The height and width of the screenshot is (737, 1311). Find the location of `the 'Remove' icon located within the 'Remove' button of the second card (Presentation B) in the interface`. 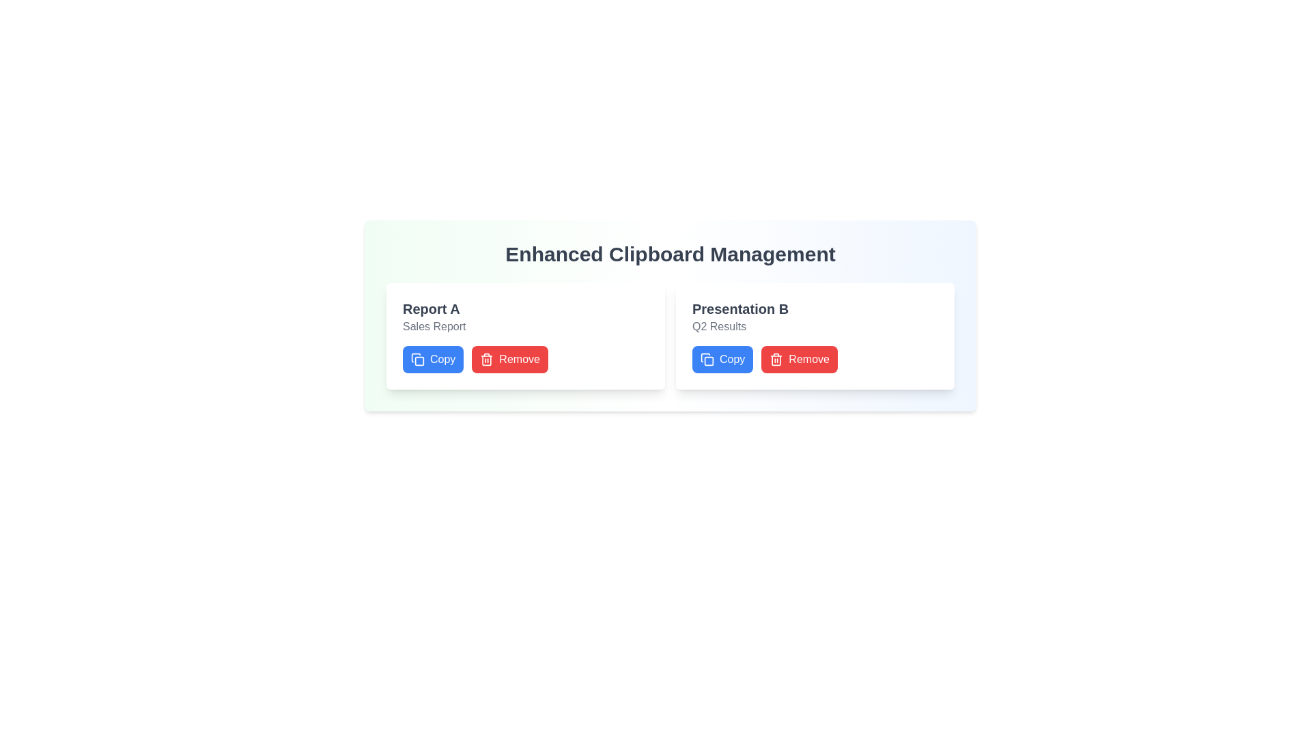

the 'Remove' icon located within the 'Remove' button of the second card (Presentation B) in the interface is located at coordinates (776, 359).